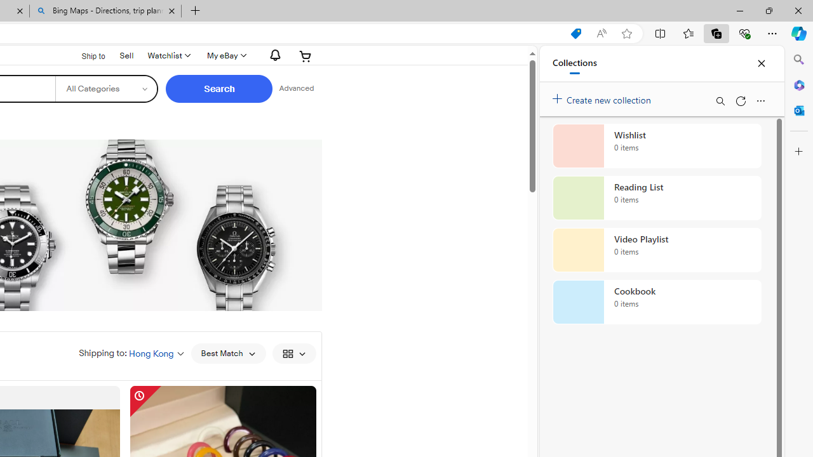 This screenshot has width=813, height=457. I want to click on 'Advanced Search', so click(296, 88).